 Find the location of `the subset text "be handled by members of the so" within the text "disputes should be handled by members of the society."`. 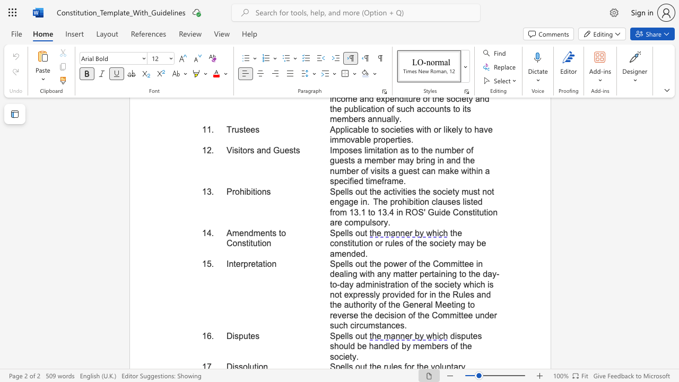

the subset text "be handled by members of the so" within the text "disputes should be handled by members of the society." is located at coordinates (357, 346).